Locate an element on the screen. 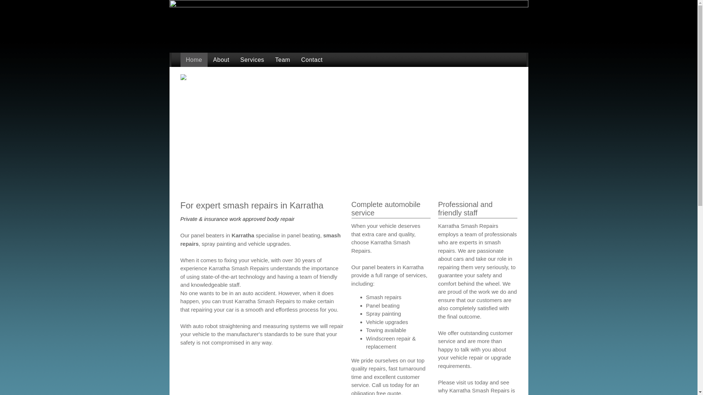  'Team' is located at coordinates (269, 60).